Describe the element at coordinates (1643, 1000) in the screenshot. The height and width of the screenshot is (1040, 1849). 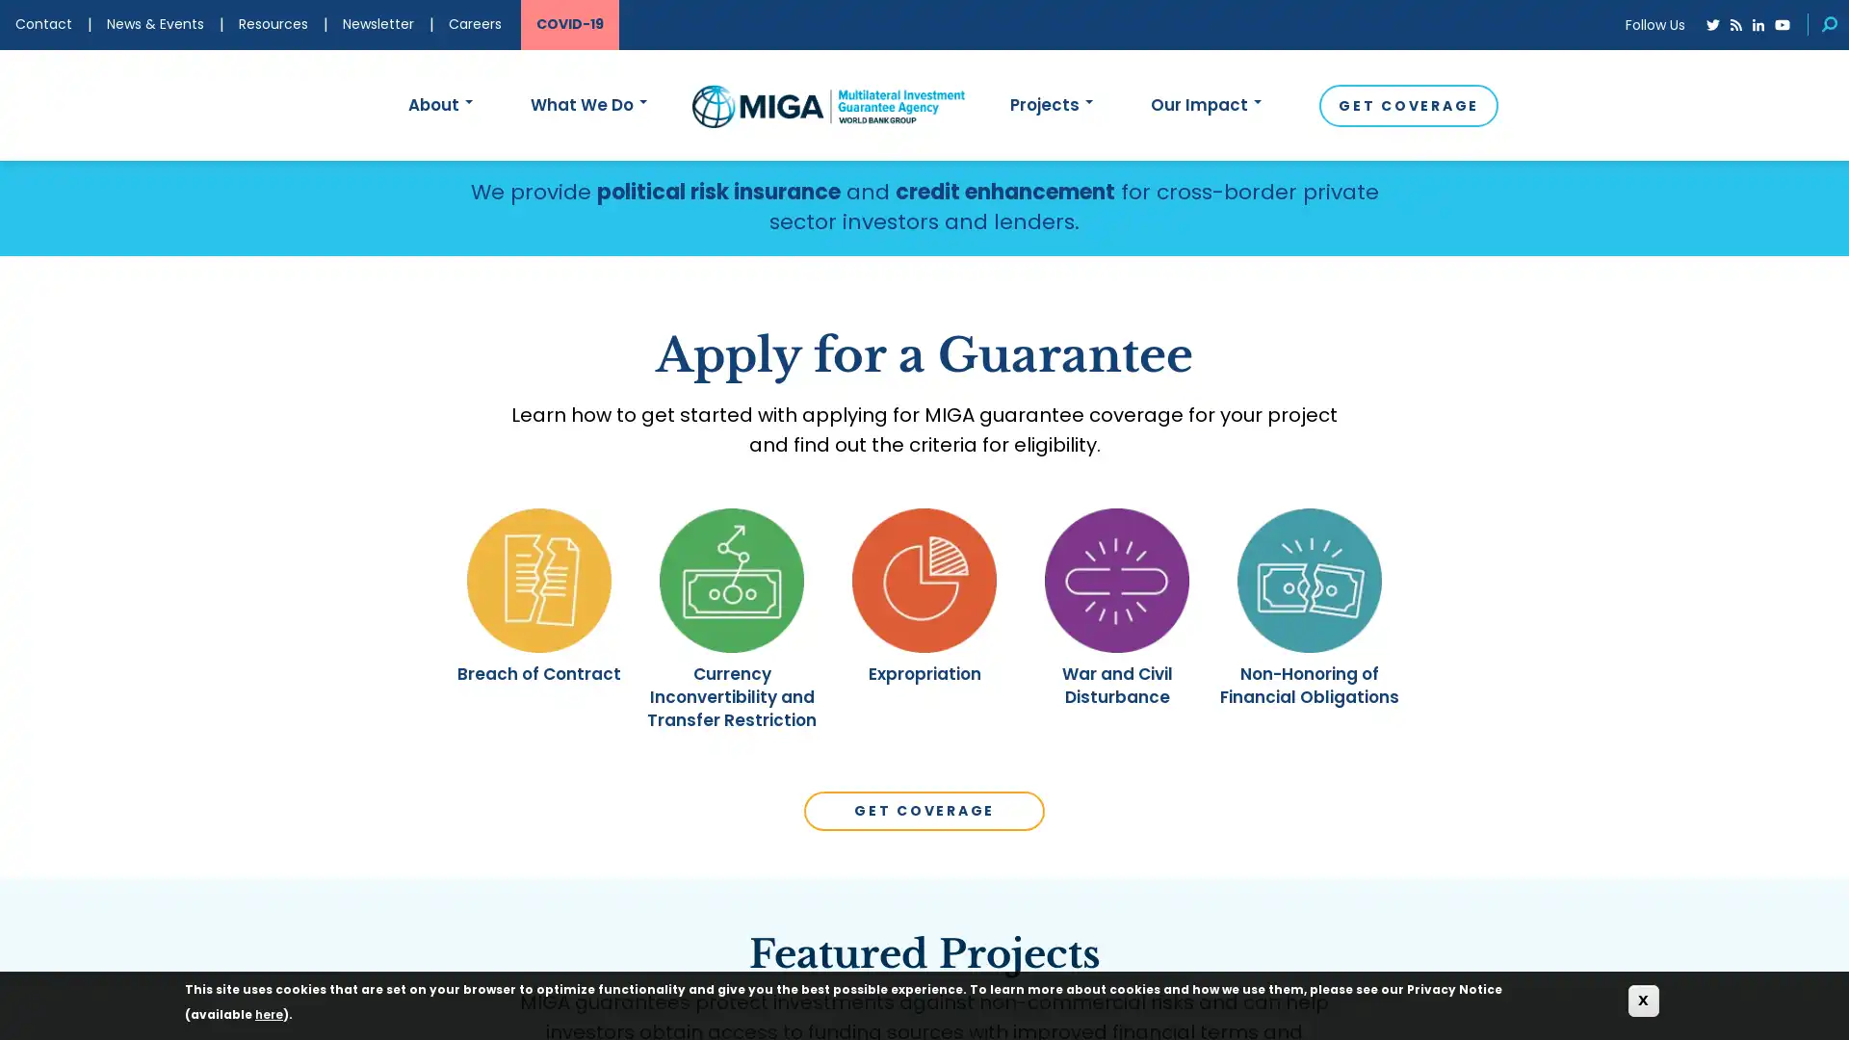
I see `X` at that location.